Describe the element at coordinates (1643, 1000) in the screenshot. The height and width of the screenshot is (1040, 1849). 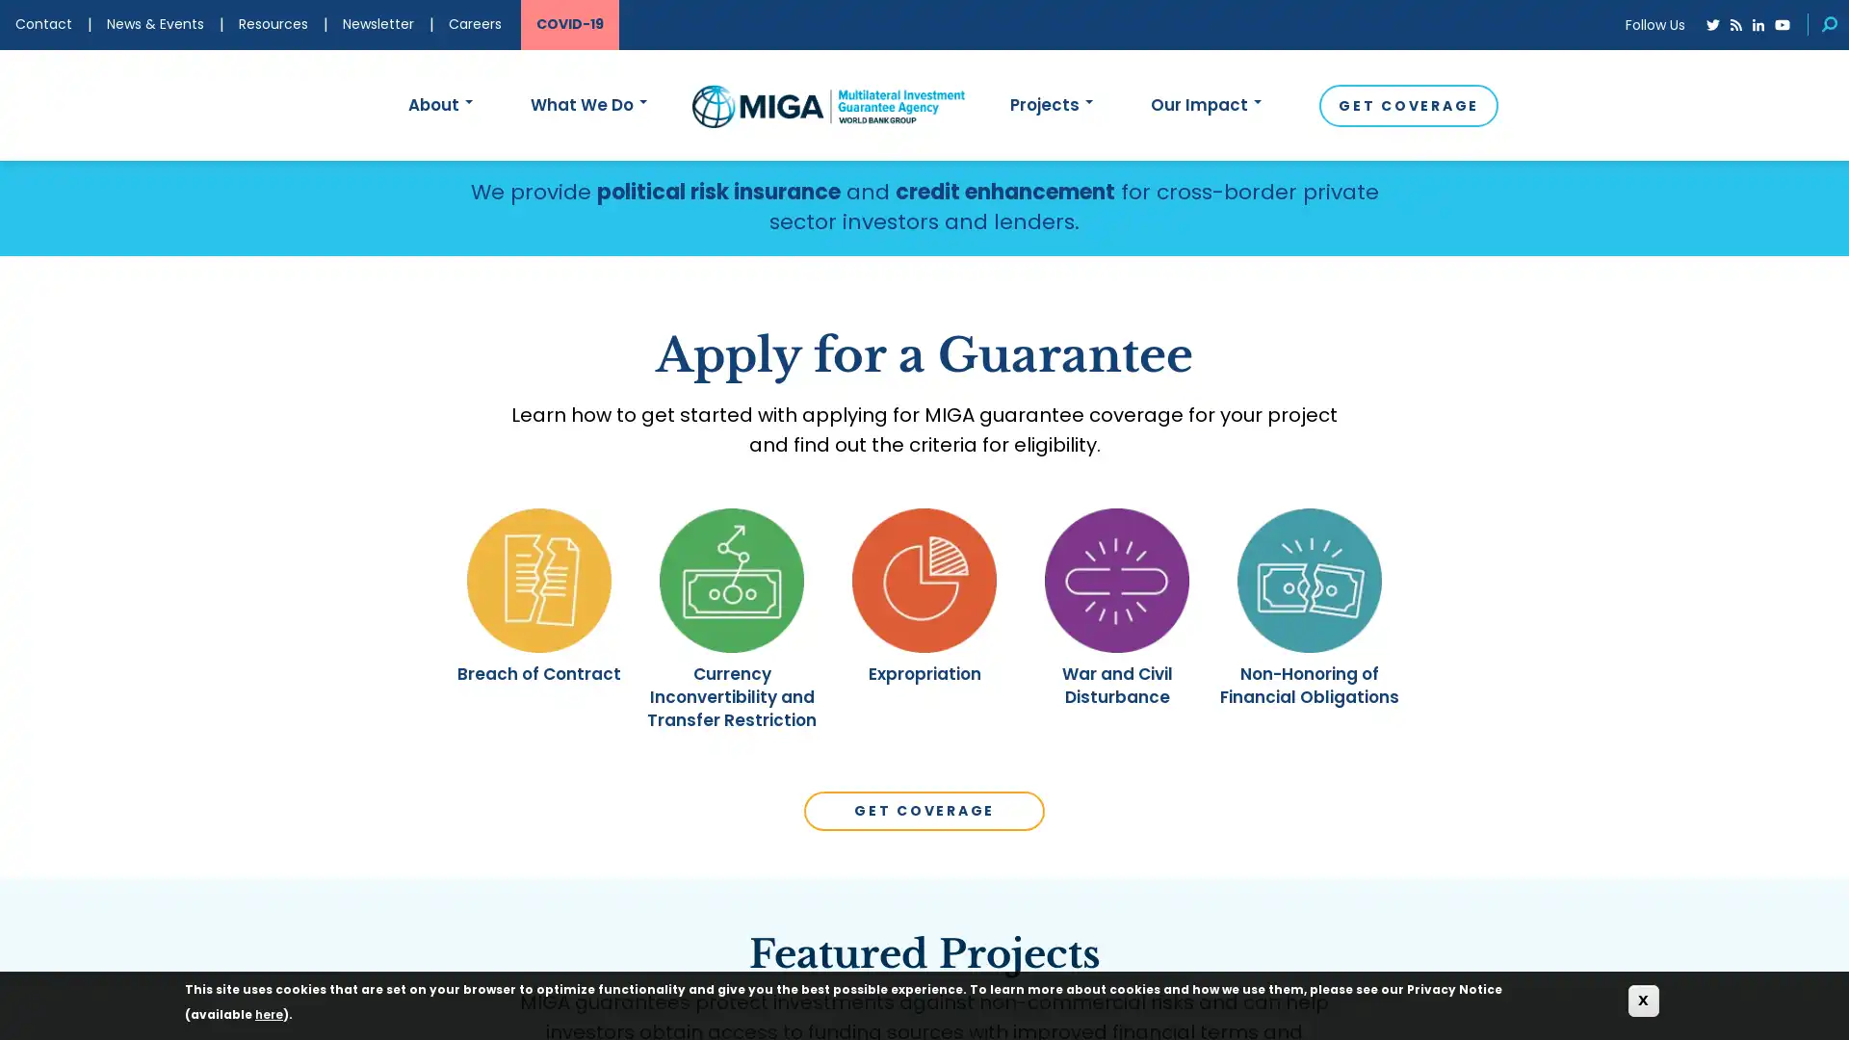
I see `X` at that location.